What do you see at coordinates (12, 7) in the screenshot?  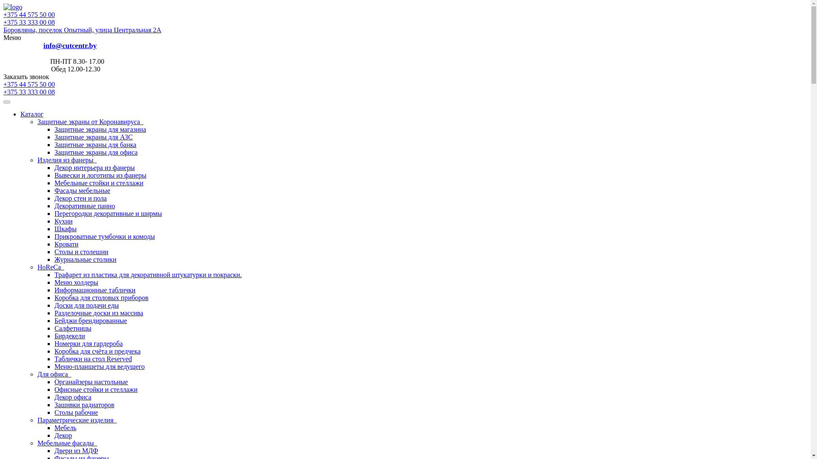 I see `'cutcentr.by'` at bounding box center [12, 7].